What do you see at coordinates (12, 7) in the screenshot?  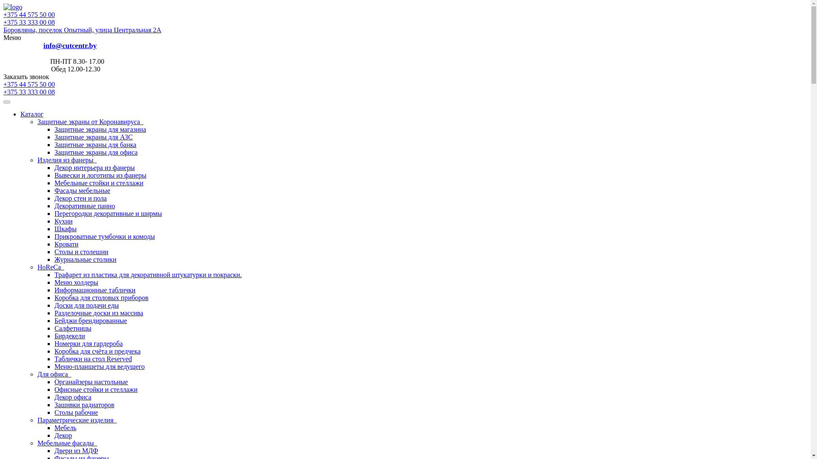 I see `'cutcentr.by'` at bounding box center [12, 7].